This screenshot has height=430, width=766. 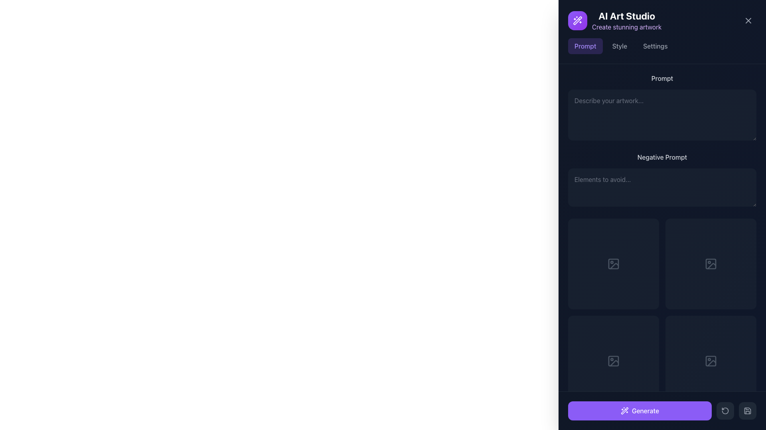 I want to click on the 'Settings' tab in the navigation menu located below the 'AI Art Studio' header, so click(x=662, y=46).